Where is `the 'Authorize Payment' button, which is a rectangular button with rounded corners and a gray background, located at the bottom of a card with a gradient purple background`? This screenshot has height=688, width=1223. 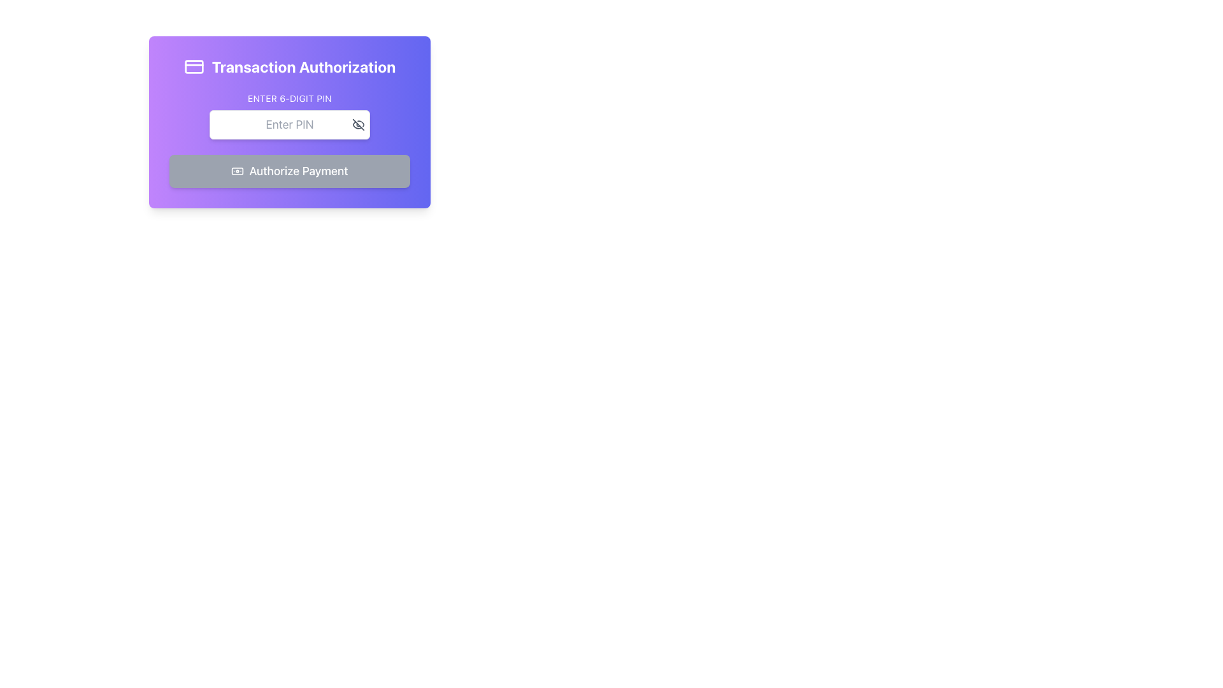 the 'Authorize Payment' button, which is a rectangular button with rounded corners and a gray background, located at the bottom of a card with a gradient purple background is located at coordinates (289, 171).